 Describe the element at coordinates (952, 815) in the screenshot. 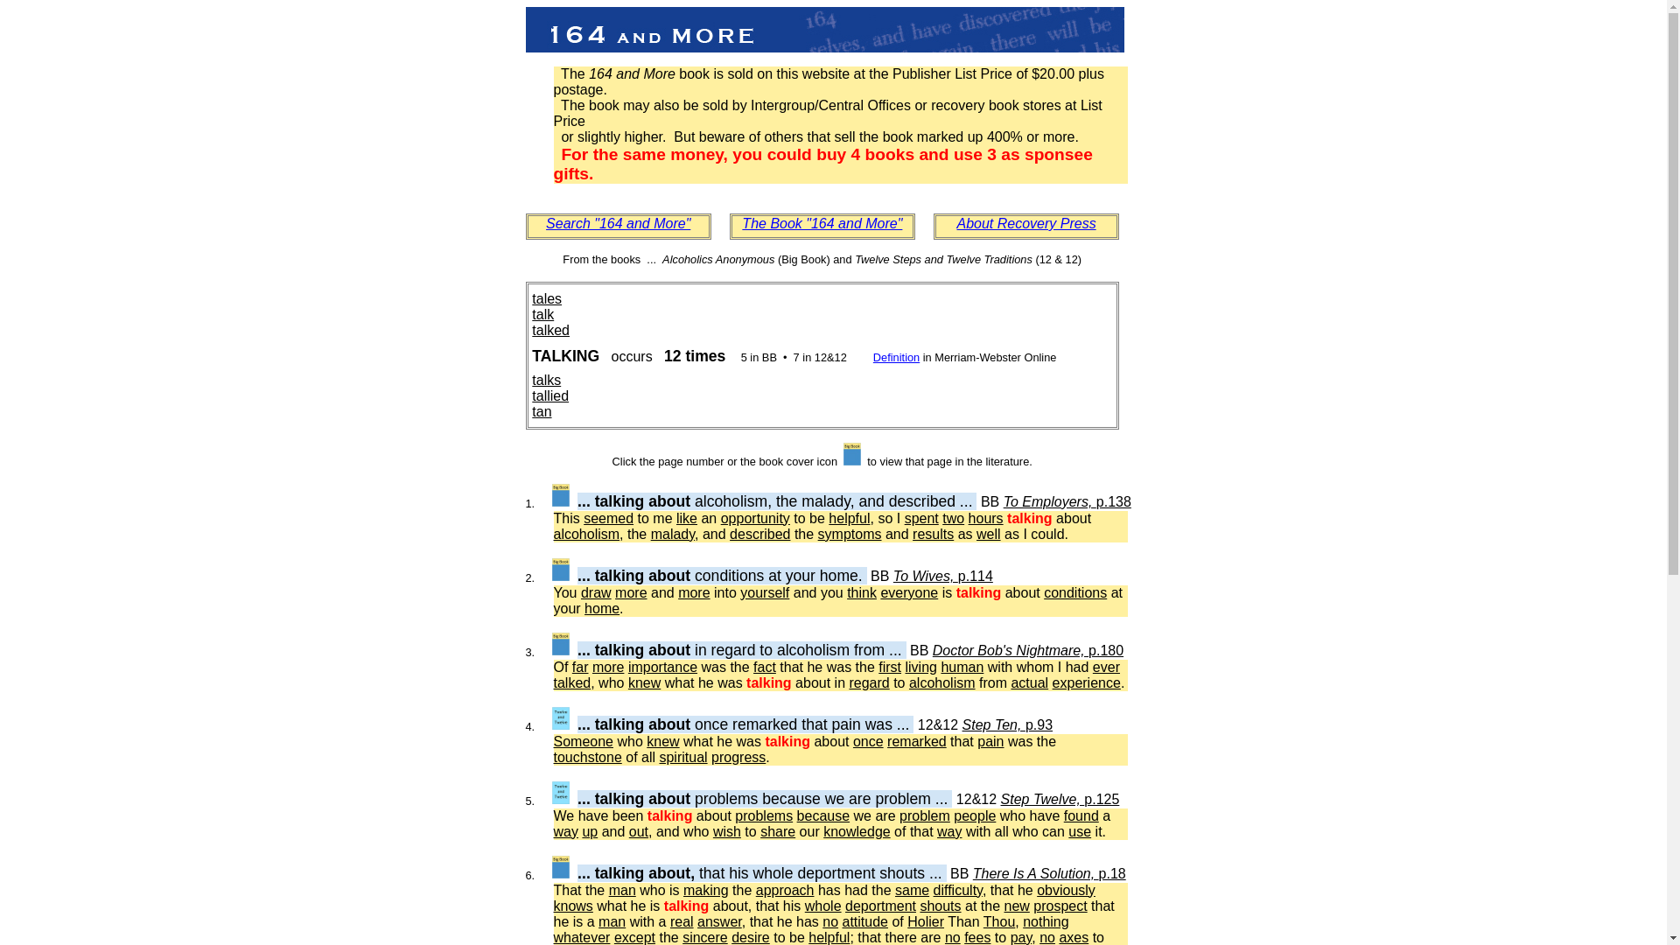

I see `'people'` at that location.